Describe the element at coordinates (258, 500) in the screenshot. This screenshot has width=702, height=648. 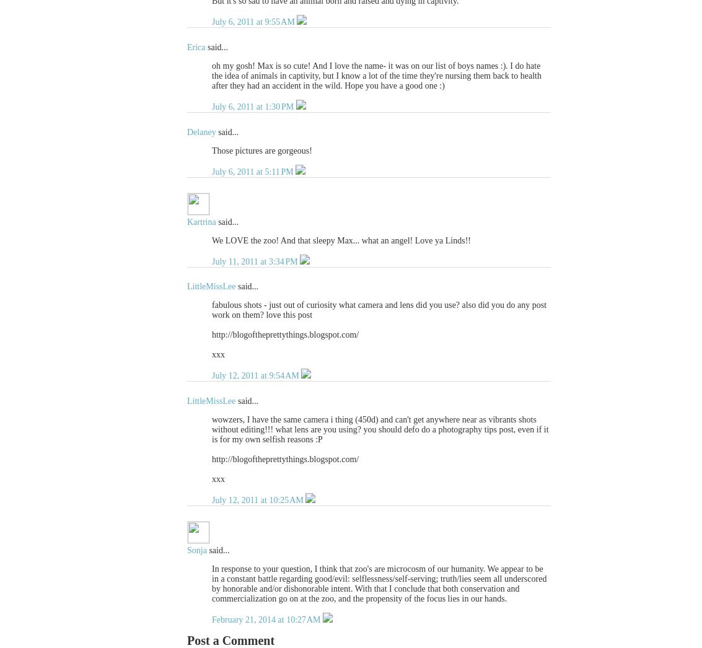
I see `'July 12, 2011 at 10:25 AM'` at that location.